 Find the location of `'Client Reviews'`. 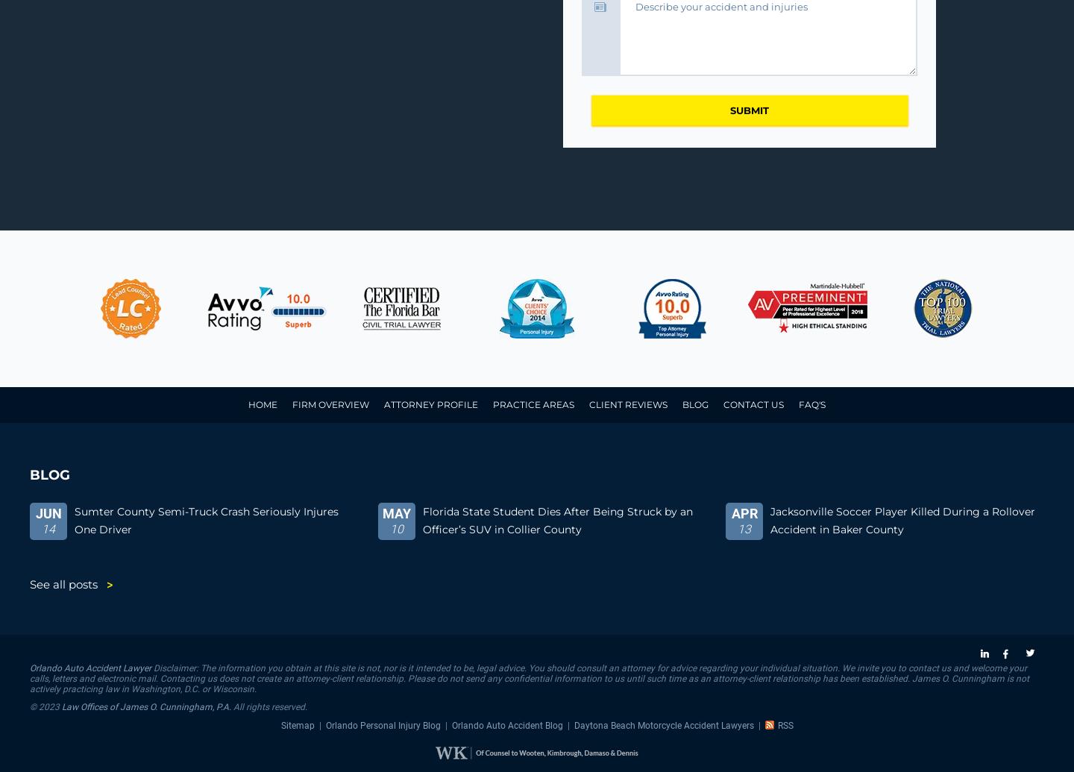

'Client Reviews' is located at coordinates (627, 404).